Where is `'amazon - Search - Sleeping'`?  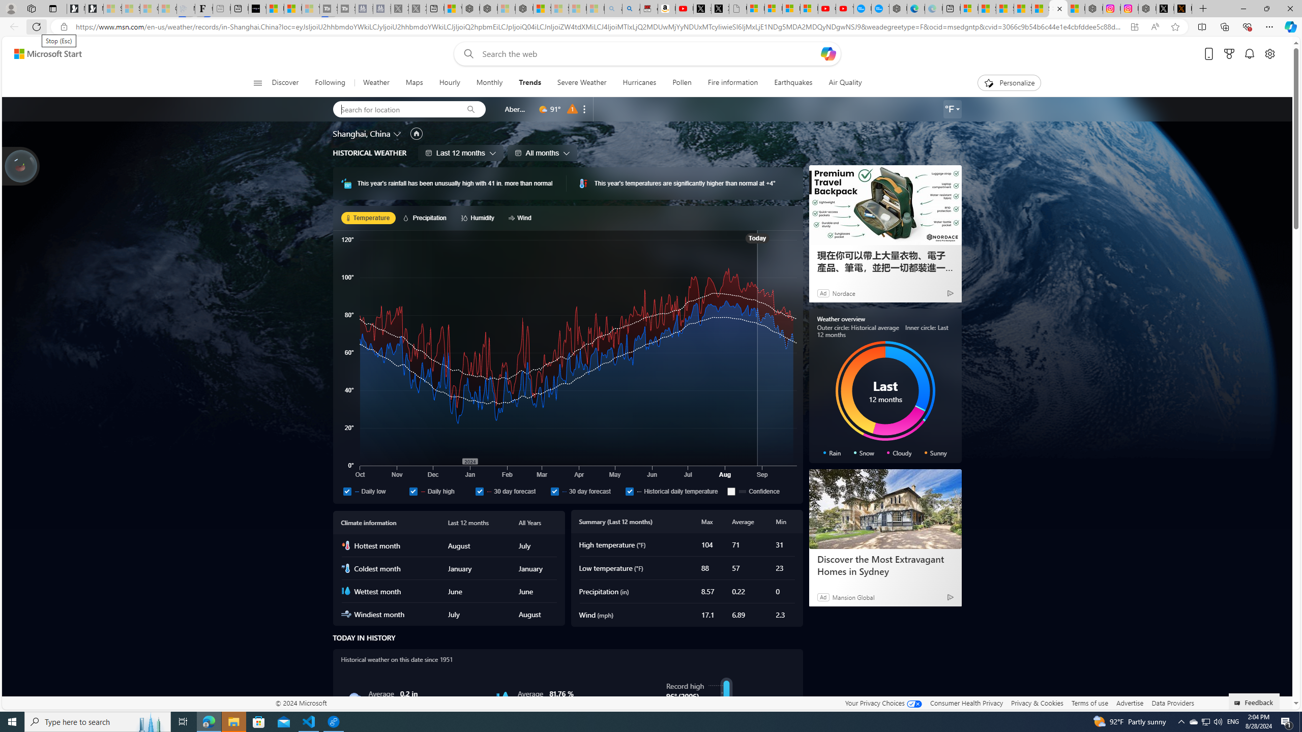
'amazon - Search - Sleeping' is located at coordinates (612, 8).